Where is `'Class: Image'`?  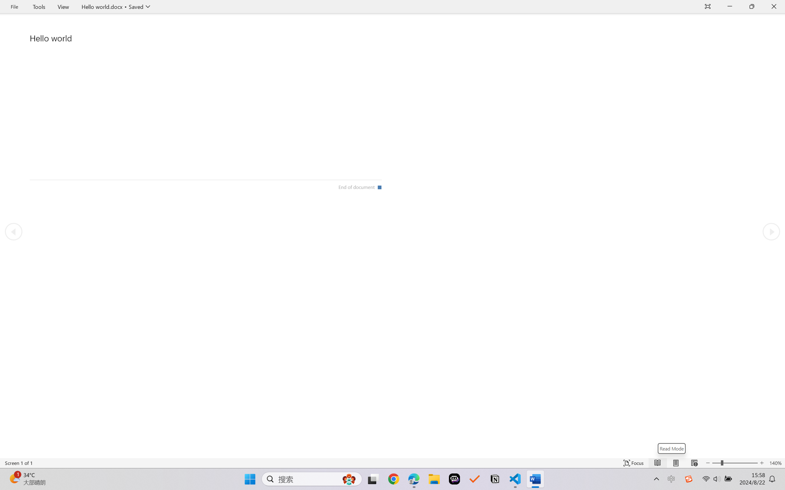 'Class: Image' is located at coordinates (688, 479).